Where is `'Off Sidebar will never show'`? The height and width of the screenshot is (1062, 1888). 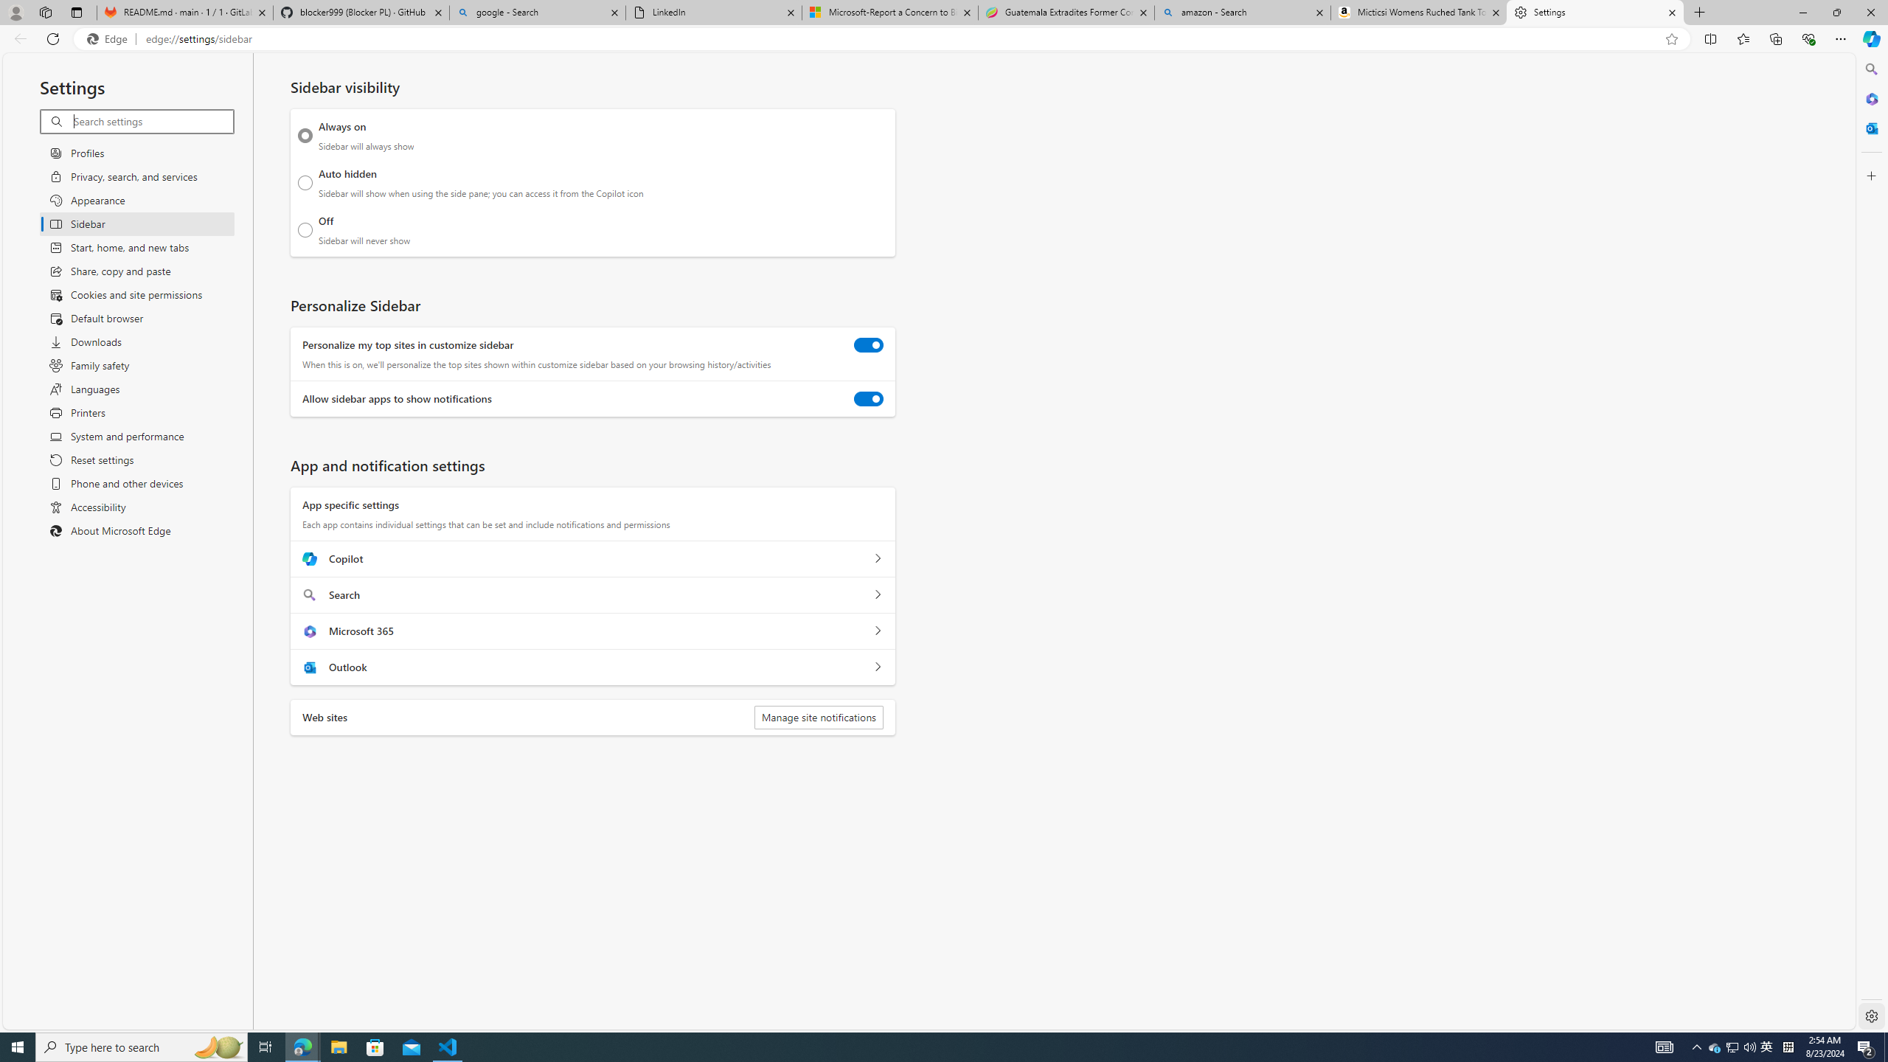
'Off Sidebar will never show' is located at coordinates (305, 229).